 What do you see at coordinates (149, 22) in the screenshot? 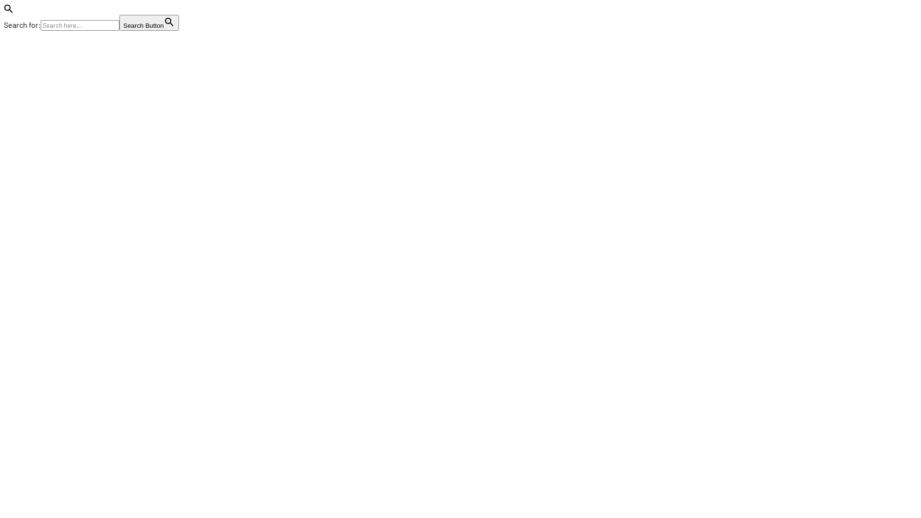
I see `'Search Button'` at bounding box center [149, 22].